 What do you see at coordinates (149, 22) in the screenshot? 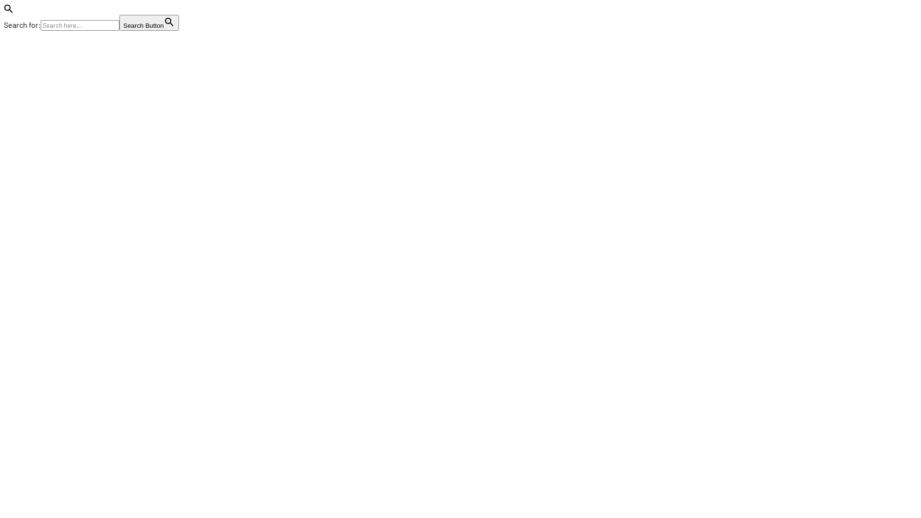
I see `'Search Button'` at bounding box center [149, 22].